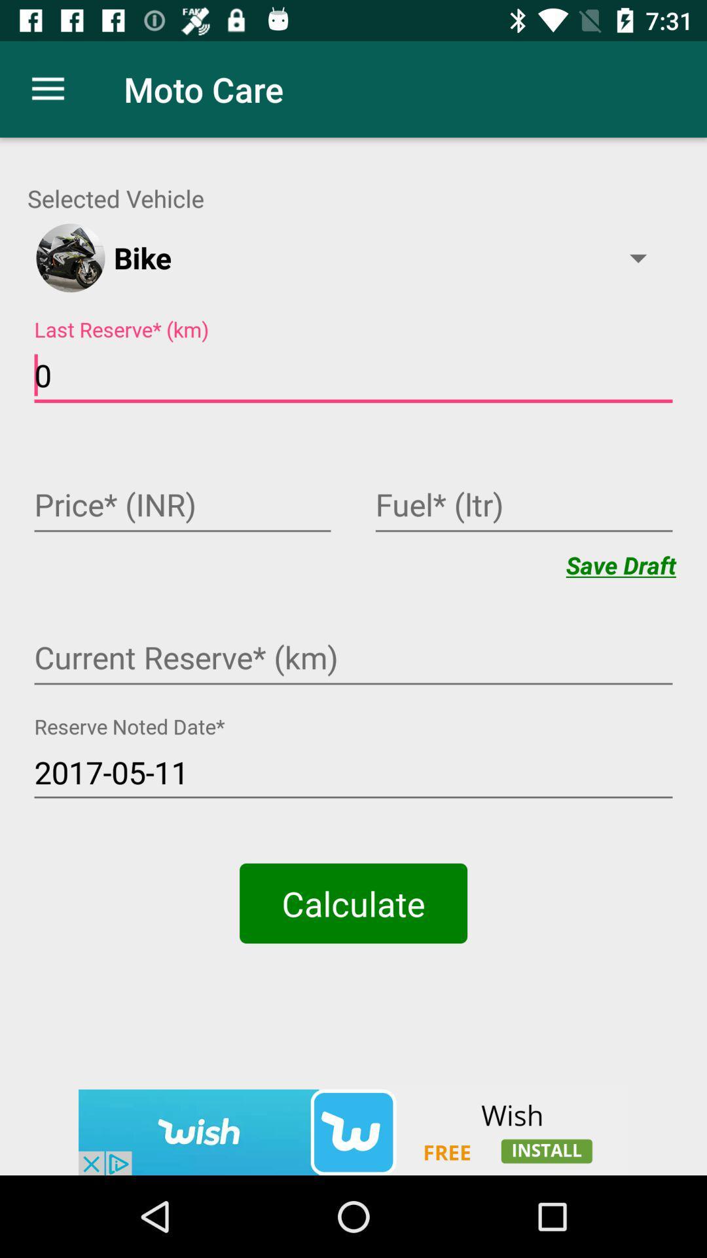 This screenshot has width=707, height=1258. Describe the element at coordinates (620, 565) in the screenshot. I see `save draft` at that location.